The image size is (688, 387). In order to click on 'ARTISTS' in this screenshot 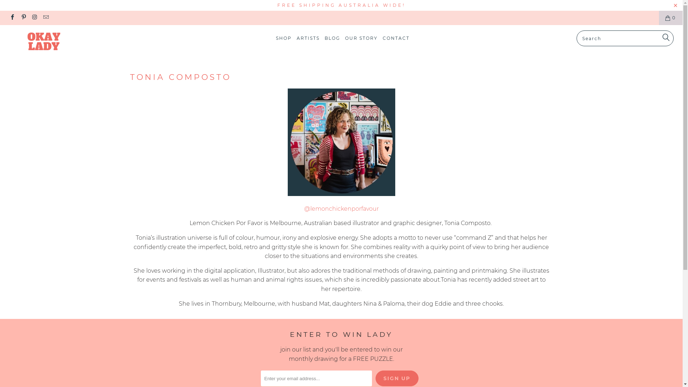, I will do `click(308, 38)`.